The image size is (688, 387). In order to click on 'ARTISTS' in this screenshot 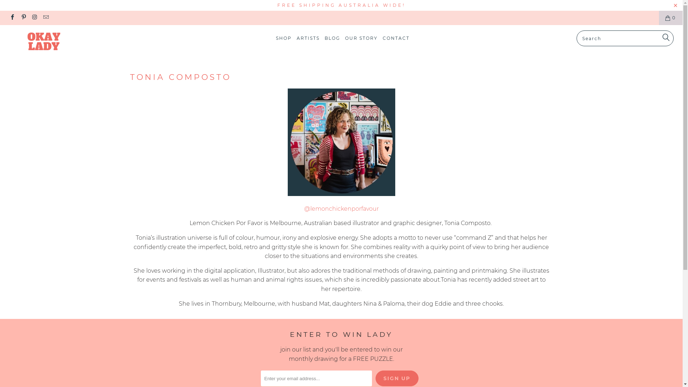, I will do `click(308, 38)`.